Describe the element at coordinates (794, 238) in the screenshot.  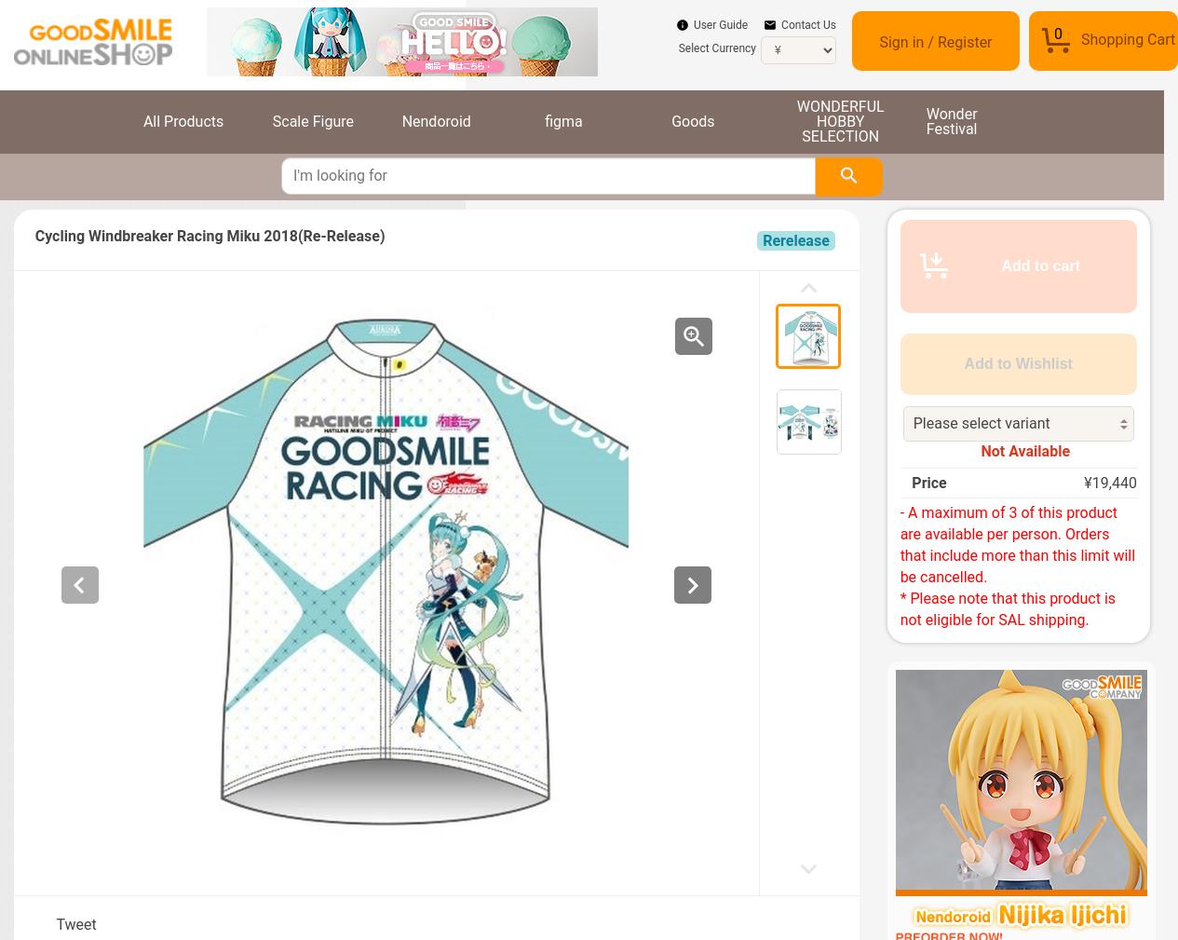
I see `'Rerelease'` at that location.